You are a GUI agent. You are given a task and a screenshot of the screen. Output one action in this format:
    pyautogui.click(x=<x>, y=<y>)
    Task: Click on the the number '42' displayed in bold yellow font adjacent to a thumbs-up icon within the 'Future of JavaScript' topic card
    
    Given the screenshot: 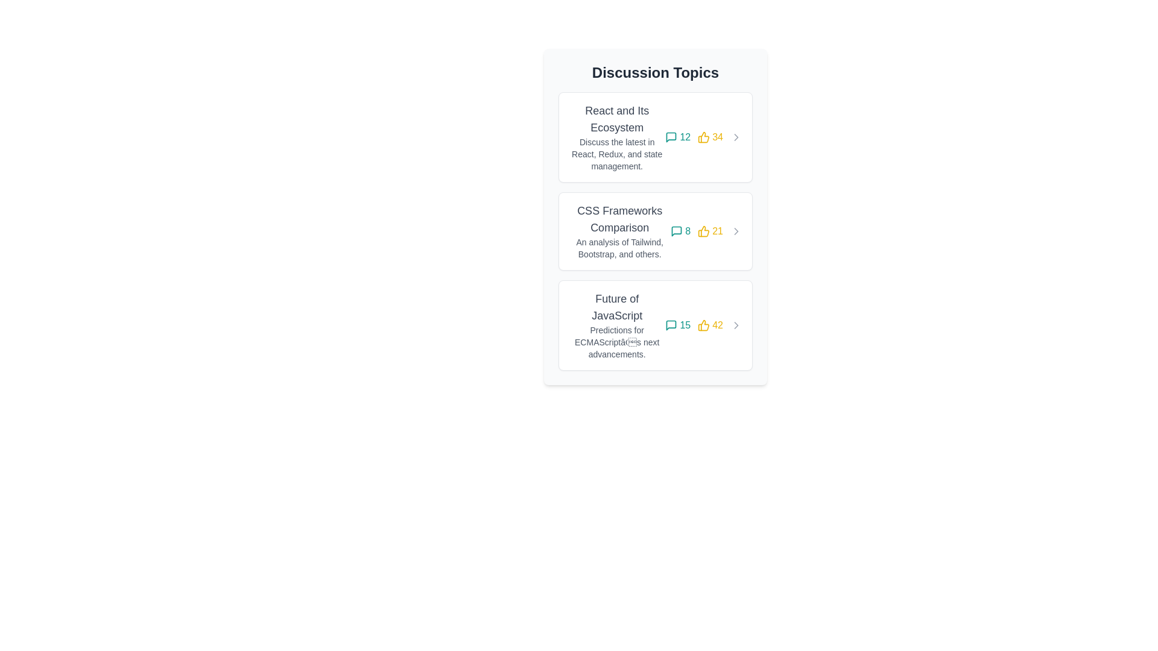 What is the action you would take?
    pyautogui.click(x=710, y=325)
    